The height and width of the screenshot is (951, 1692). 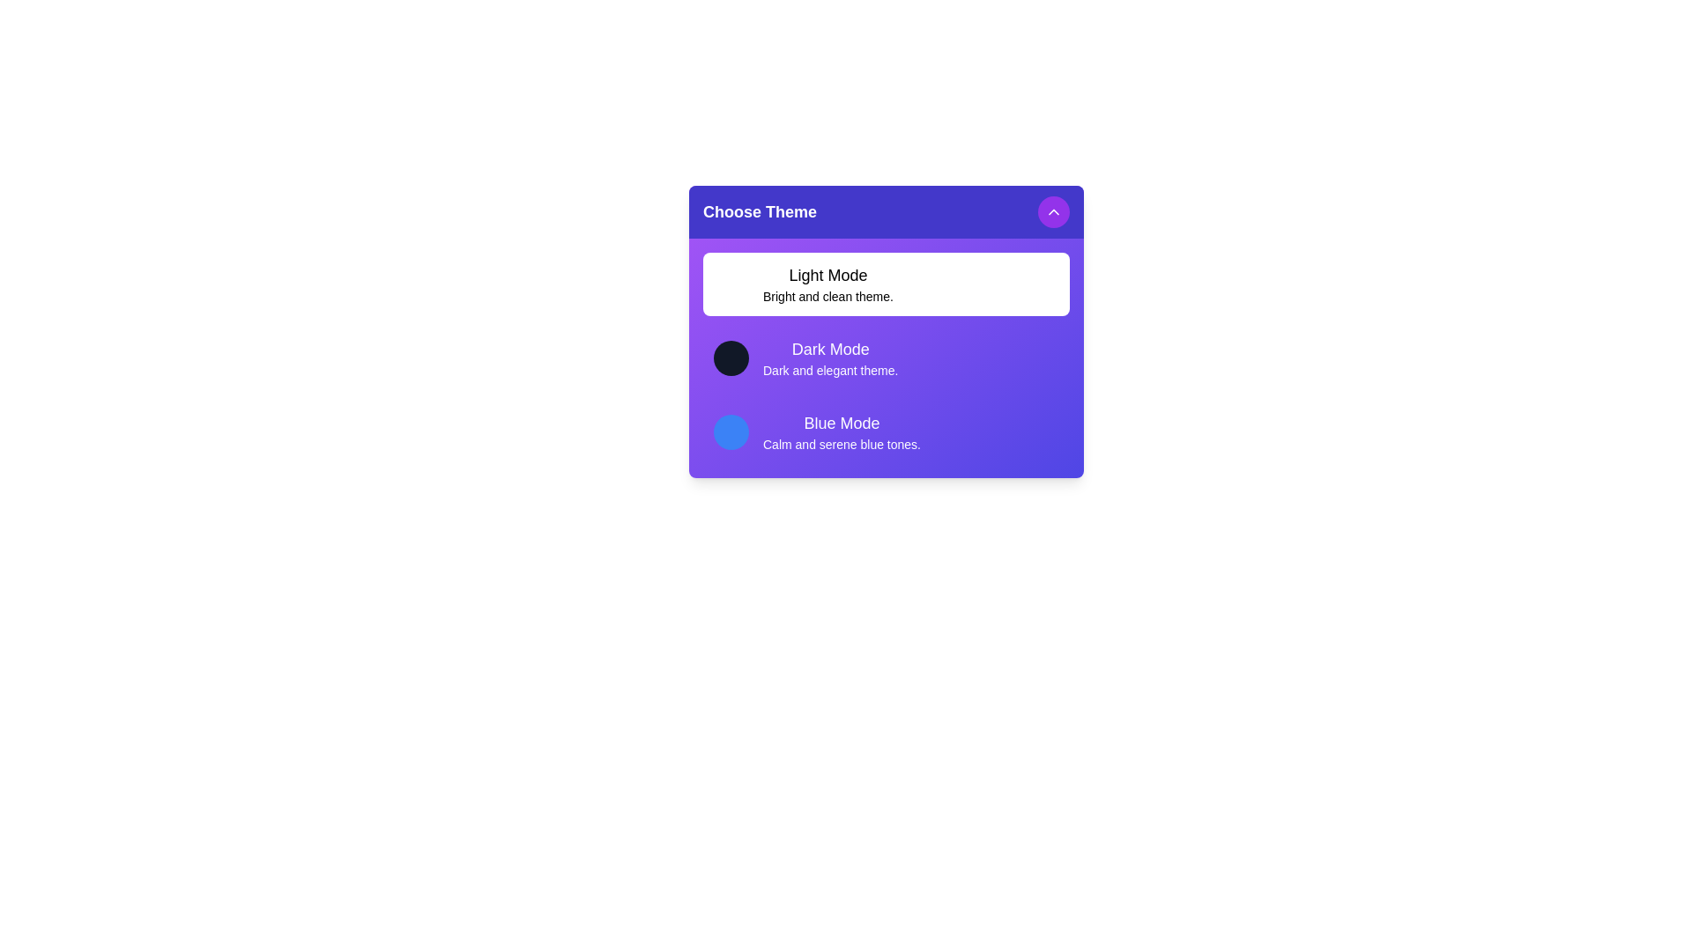 I want to click on the theme preview color circle for Blue Mode, so click(x=731, y=431).